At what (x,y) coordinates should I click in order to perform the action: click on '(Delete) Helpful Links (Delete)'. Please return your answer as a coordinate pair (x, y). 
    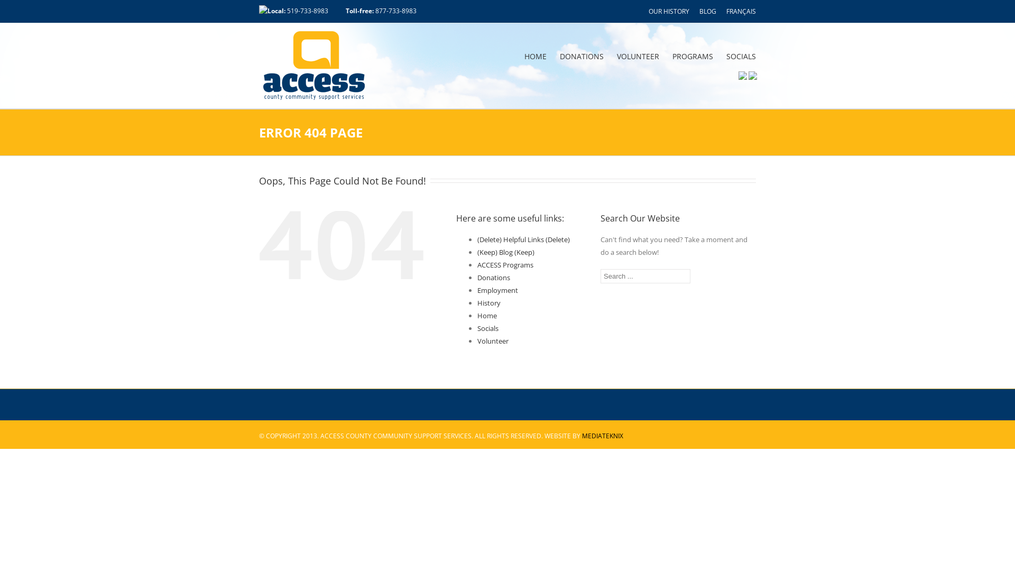
    Looking at the image, I should click on (523, 239).